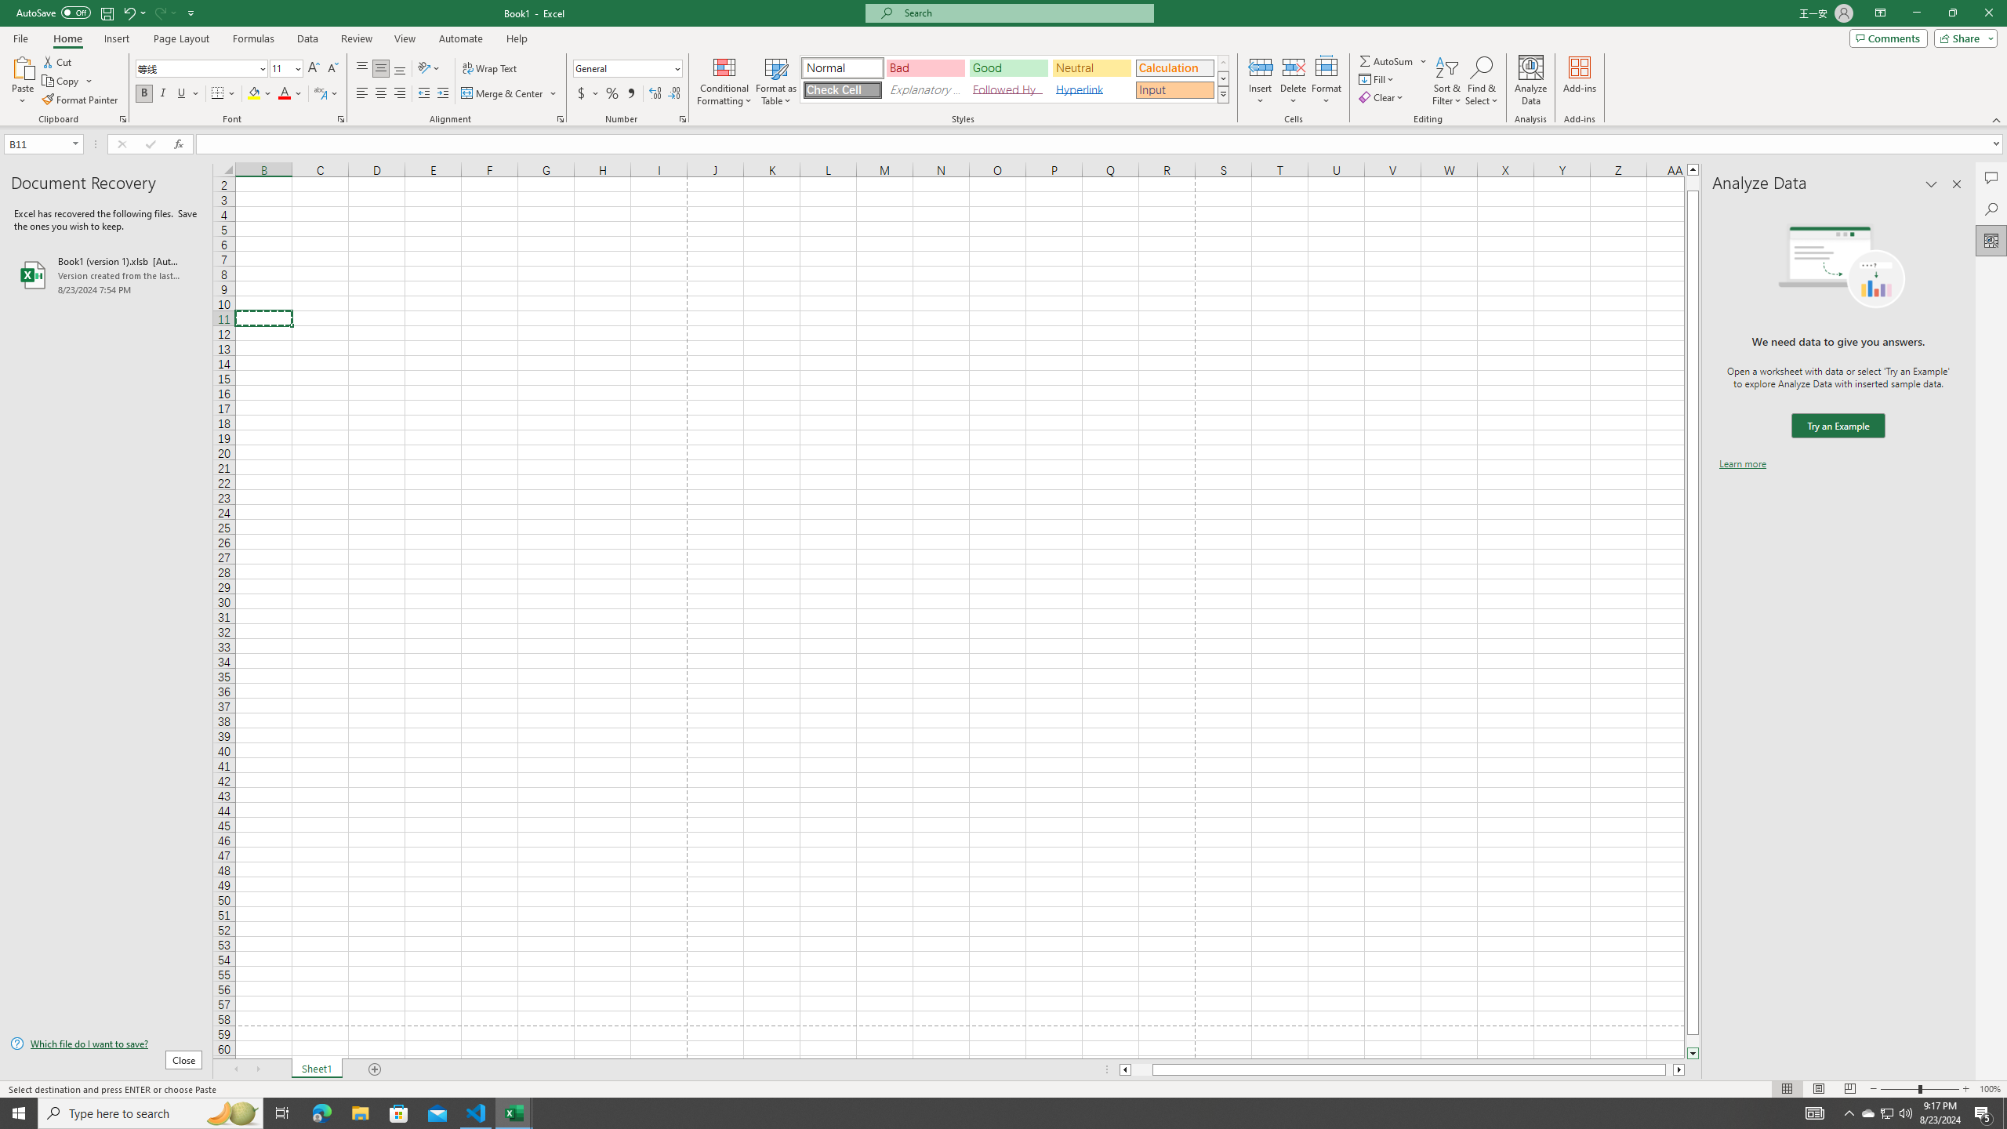 The image size is (2007, 1129). What do you see at coordinates (1693, 183) in the screenshot?
I see `'Page up'` at bounding box center [1693, 183].